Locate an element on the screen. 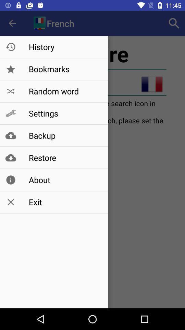  the restore item is located at coordinates (65, 157).